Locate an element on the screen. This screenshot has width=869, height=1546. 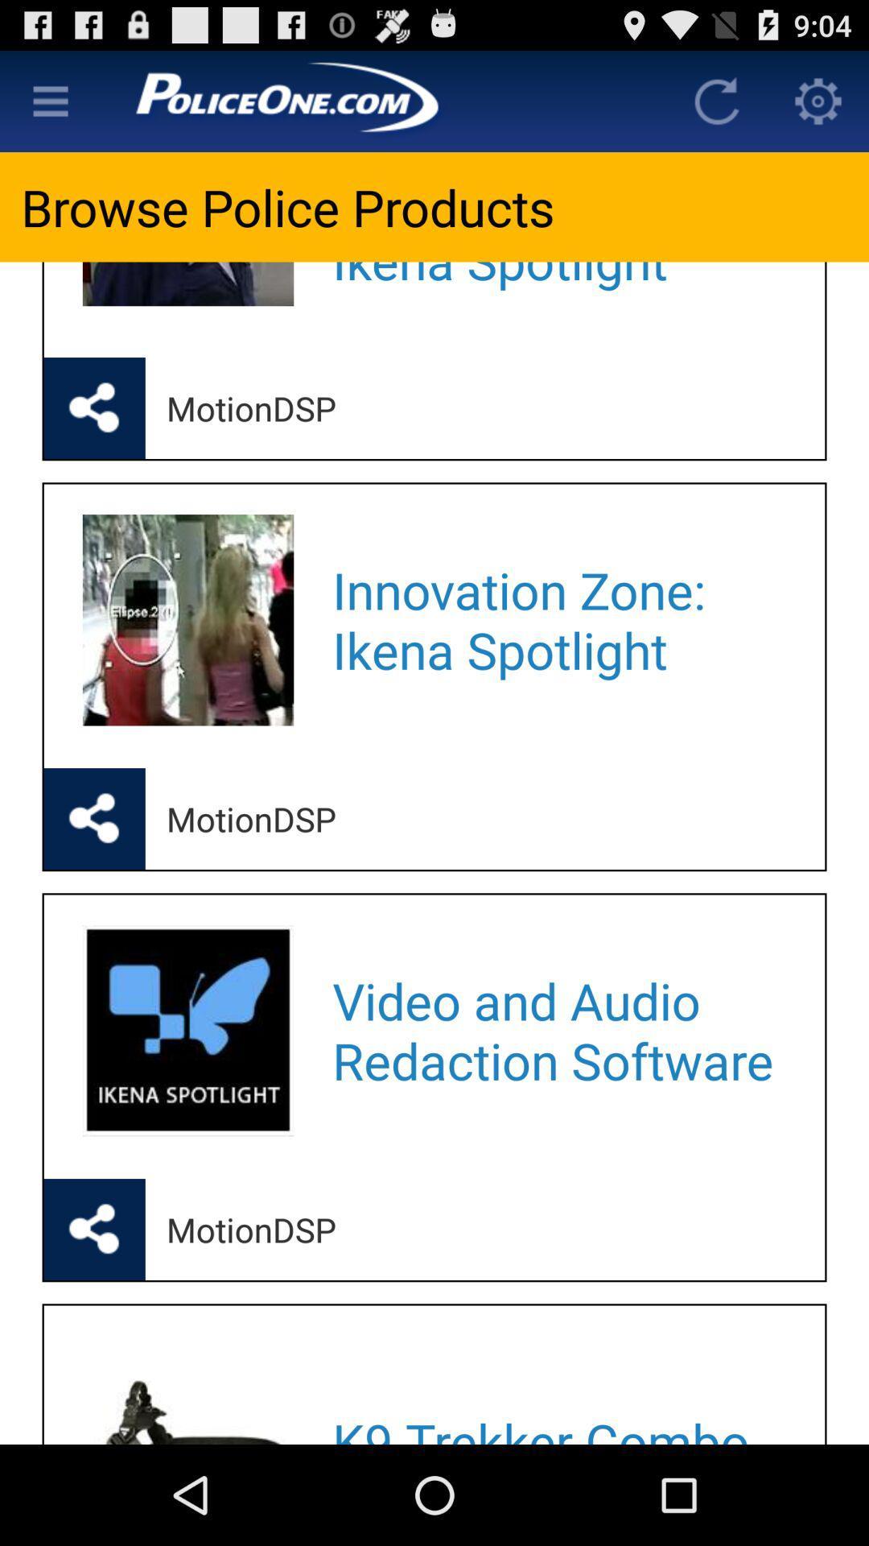
the box to share the post is located at coordinates (95, 1228).